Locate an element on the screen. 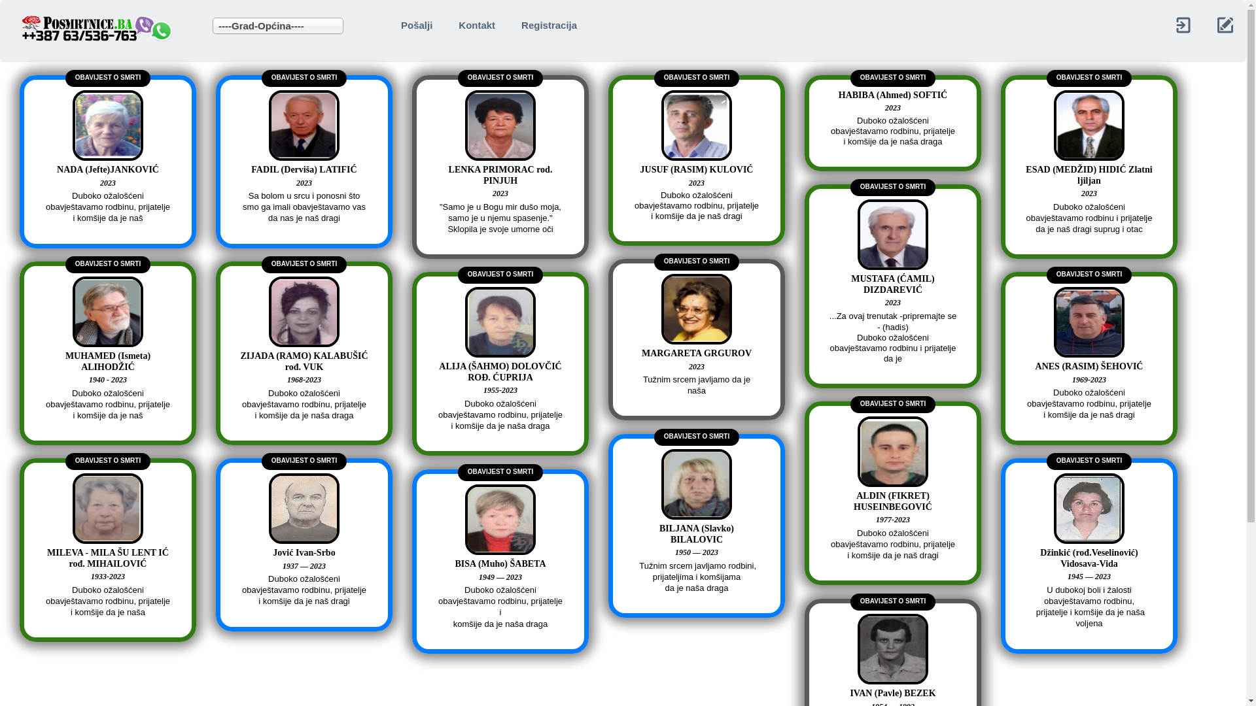 This screenshot has width=1256, height=706. '1969-2023' is located at coordinates (1024, 385).